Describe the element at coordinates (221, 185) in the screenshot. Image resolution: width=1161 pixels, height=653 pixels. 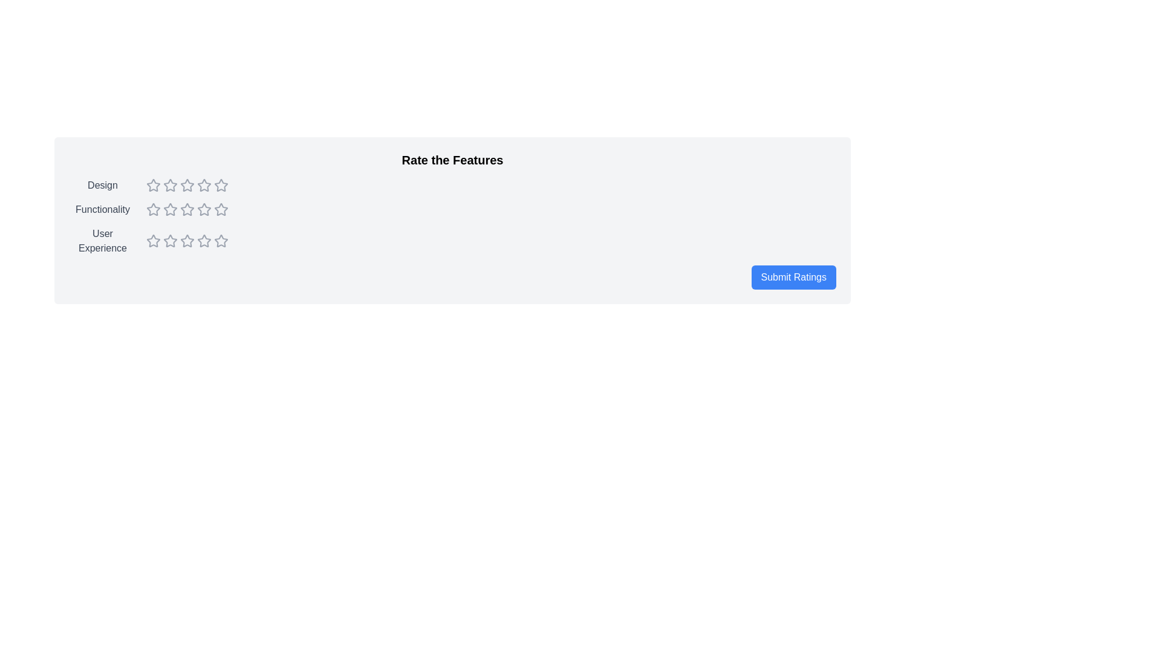
I see `the fourth star icon in the rating section` at that location.